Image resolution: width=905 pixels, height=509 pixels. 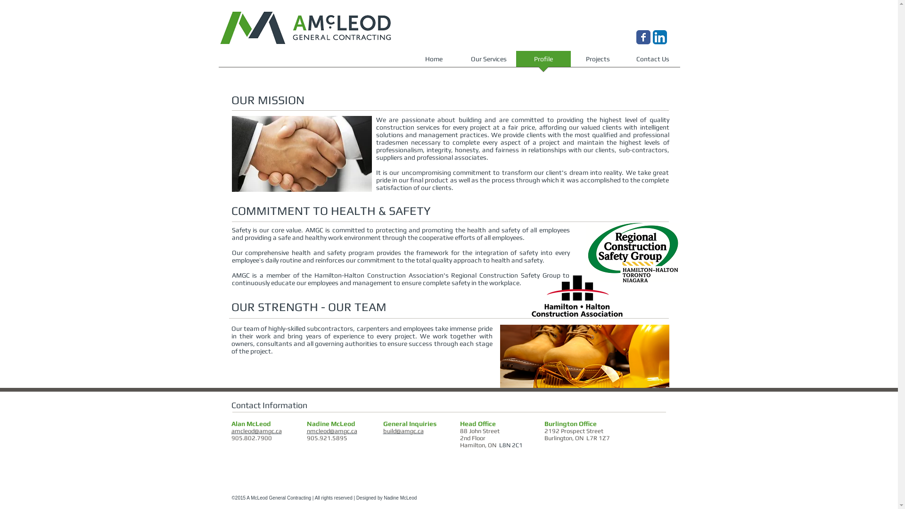 I want to click on 'build@amgc.ca', so click(x=382, y=431).